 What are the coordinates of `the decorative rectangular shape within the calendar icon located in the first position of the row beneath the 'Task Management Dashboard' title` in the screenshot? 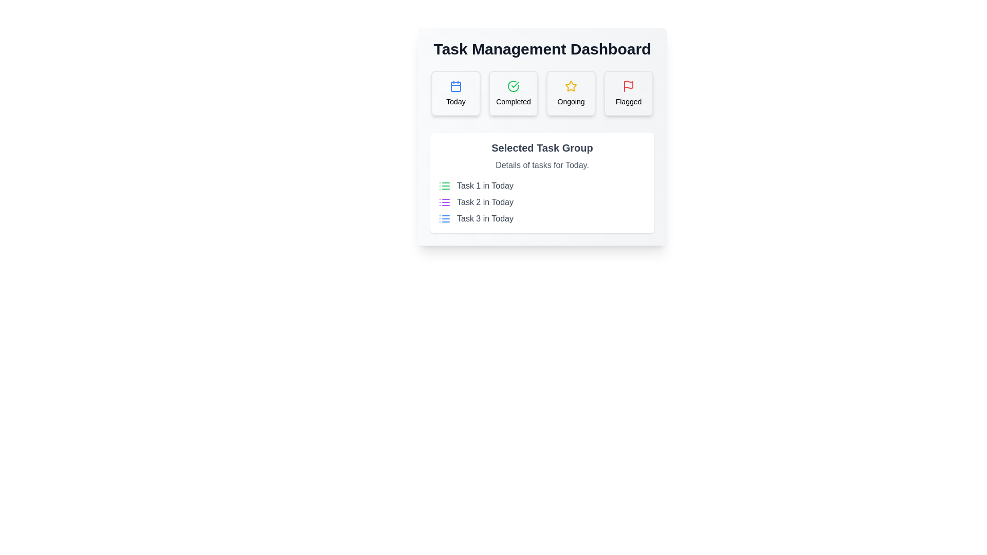 It's located at (455, 86).